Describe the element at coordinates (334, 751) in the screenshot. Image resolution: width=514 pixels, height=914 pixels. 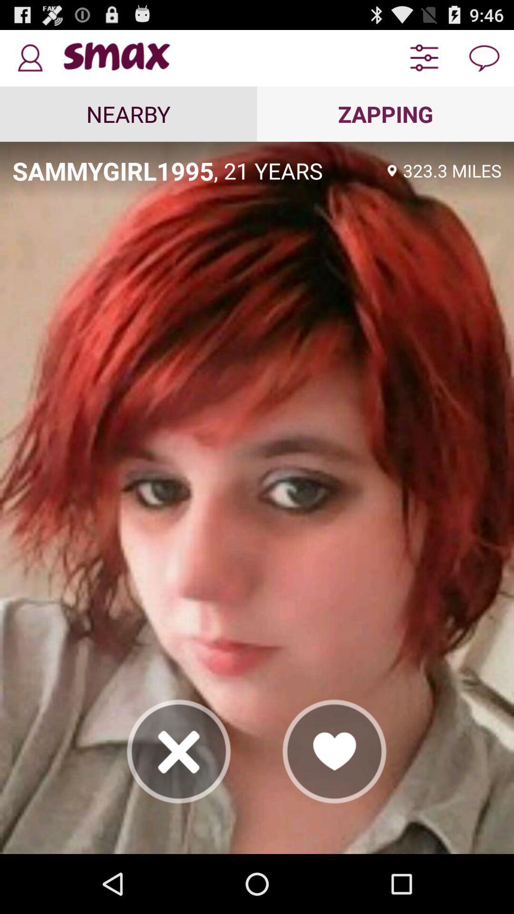
I see `item below the , 21 years` at that location.